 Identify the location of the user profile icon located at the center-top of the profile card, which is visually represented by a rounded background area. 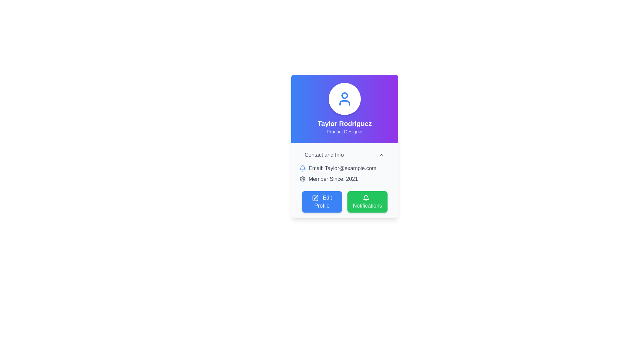
(345, 99).